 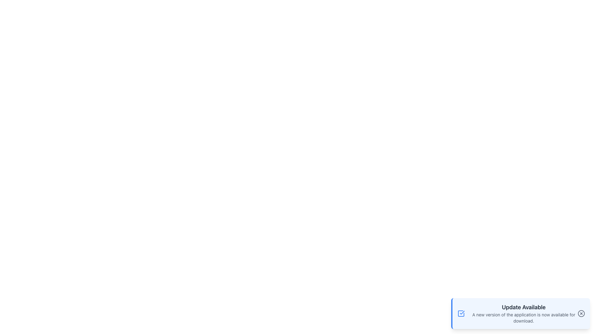 I want to click on the notification displayed in the rectangular notification box with a light blue background located at the bottom-right corner of the interface, so click(x=521, y=314).